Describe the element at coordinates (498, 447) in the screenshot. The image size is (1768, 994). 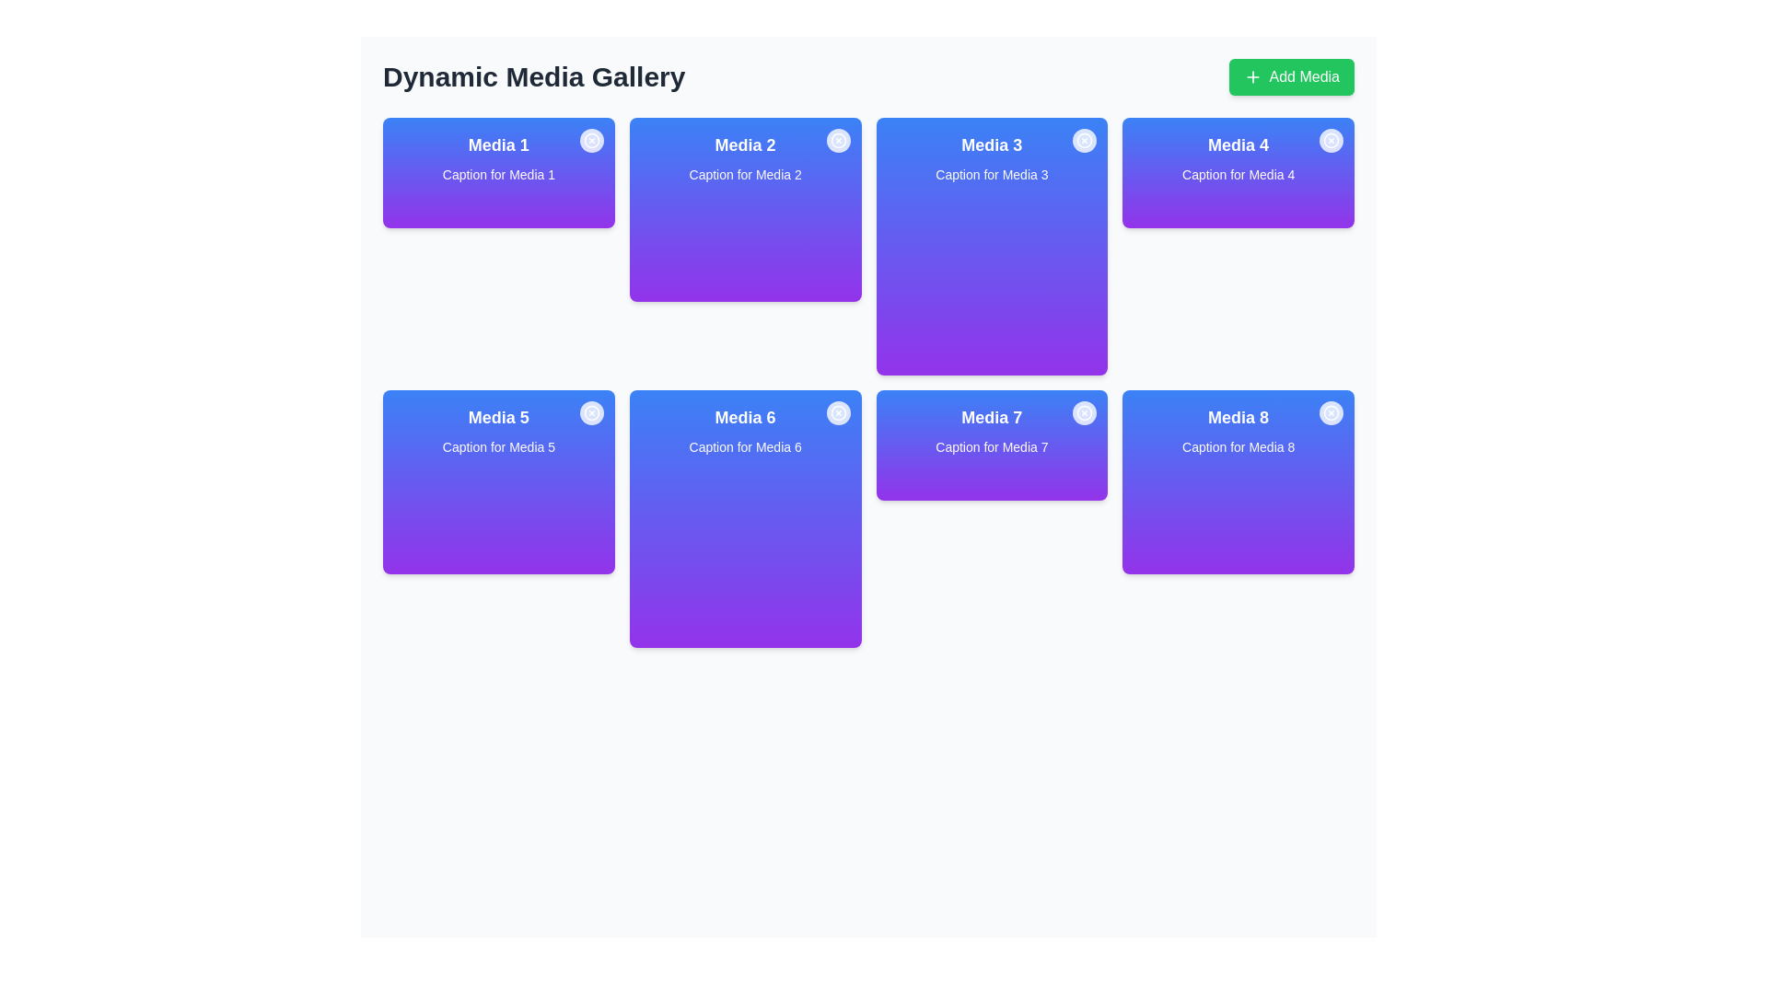
I see `the text label that serves as the descriptive caption for the 'Media 5' card, located in the second row, first column of the media gallery grid` at that location.